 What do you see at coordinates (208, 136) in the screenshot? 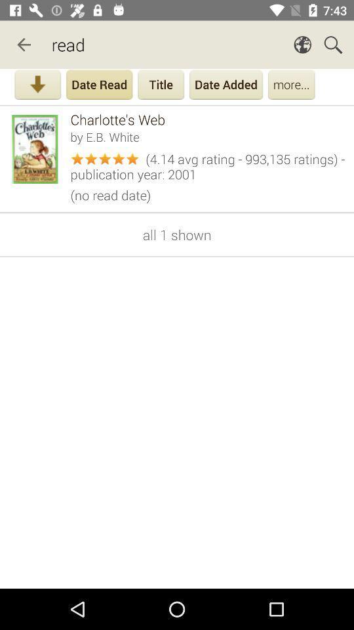
I see `by e b item` at bounding box center [208, 136].